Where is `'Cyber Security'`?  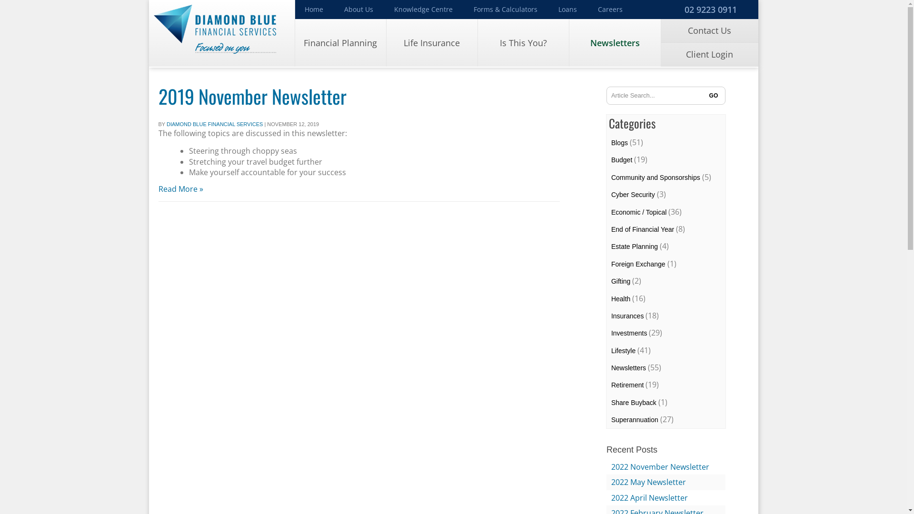
'Cyber Security' is located at coordinates (611, 194).